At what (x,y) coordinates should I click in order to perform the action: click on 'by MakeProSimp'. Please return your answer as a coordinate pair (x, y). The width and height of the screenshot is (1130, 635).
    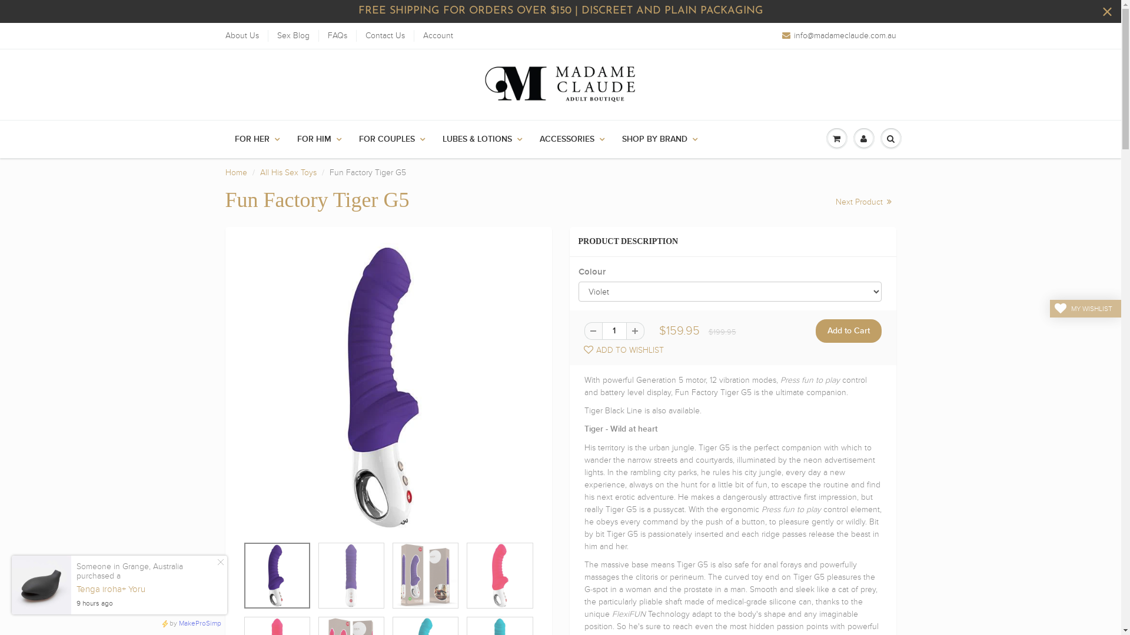
    Looking at the image, I should click on (190, 623).